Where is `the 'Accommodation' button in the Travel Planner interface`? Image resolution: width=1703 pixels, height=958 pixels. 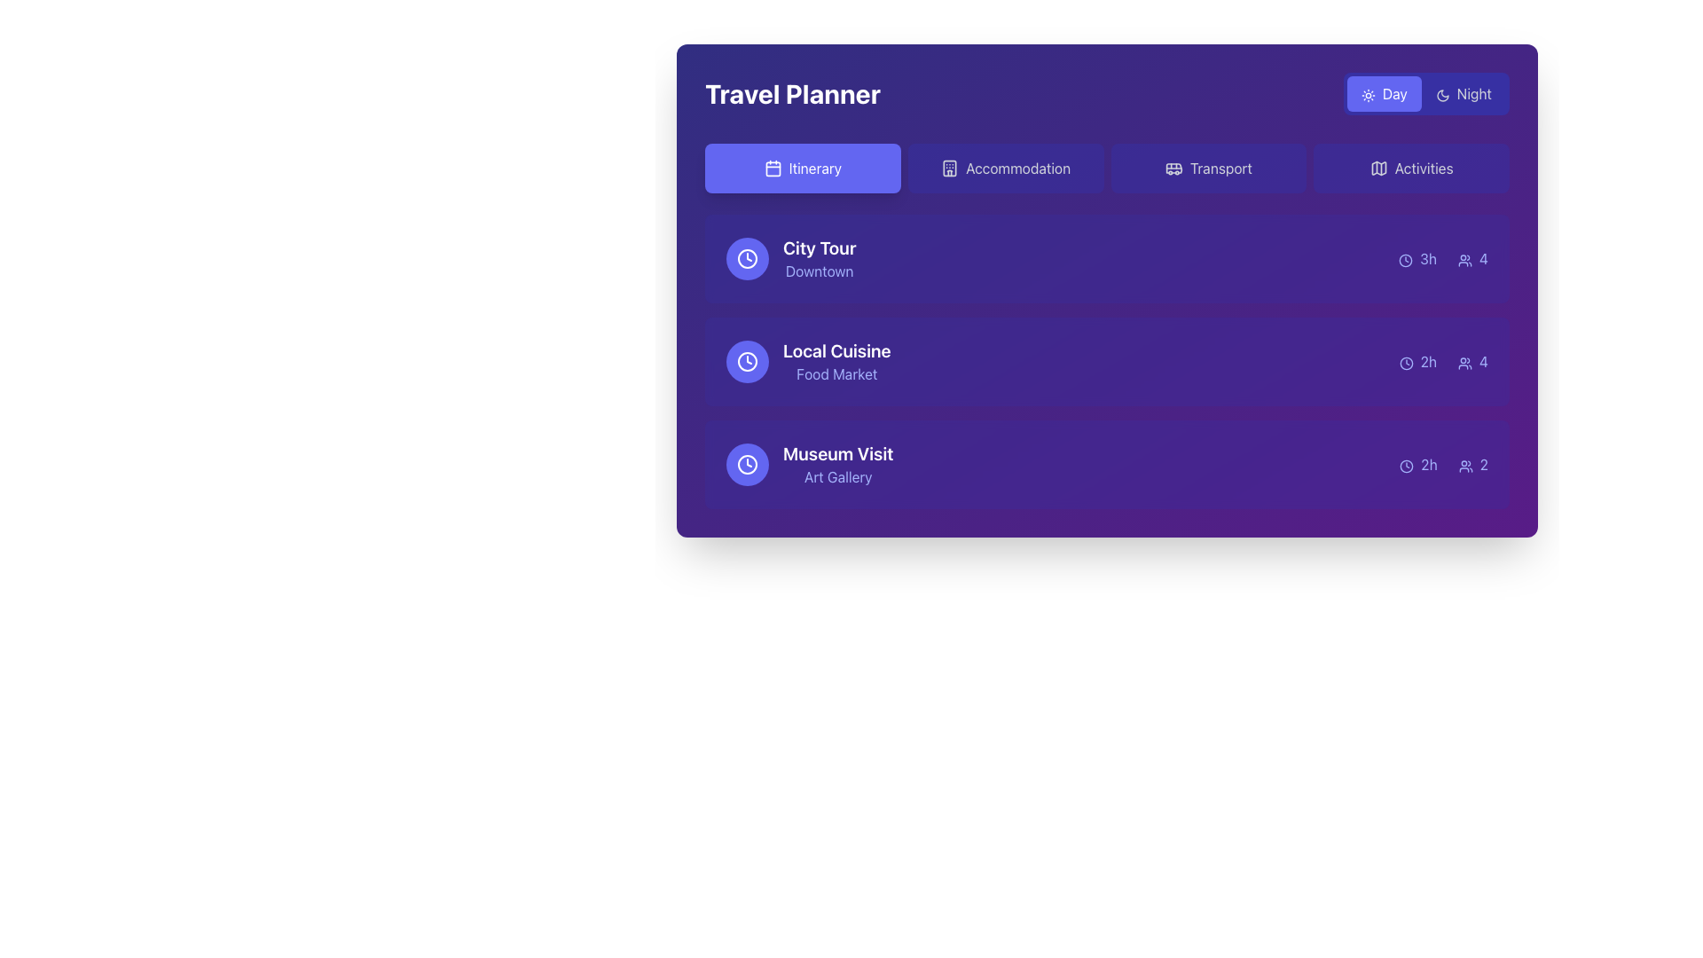
the 'Accommodation' button in the Travel Planner interface is located at coordinates (1005, 168).